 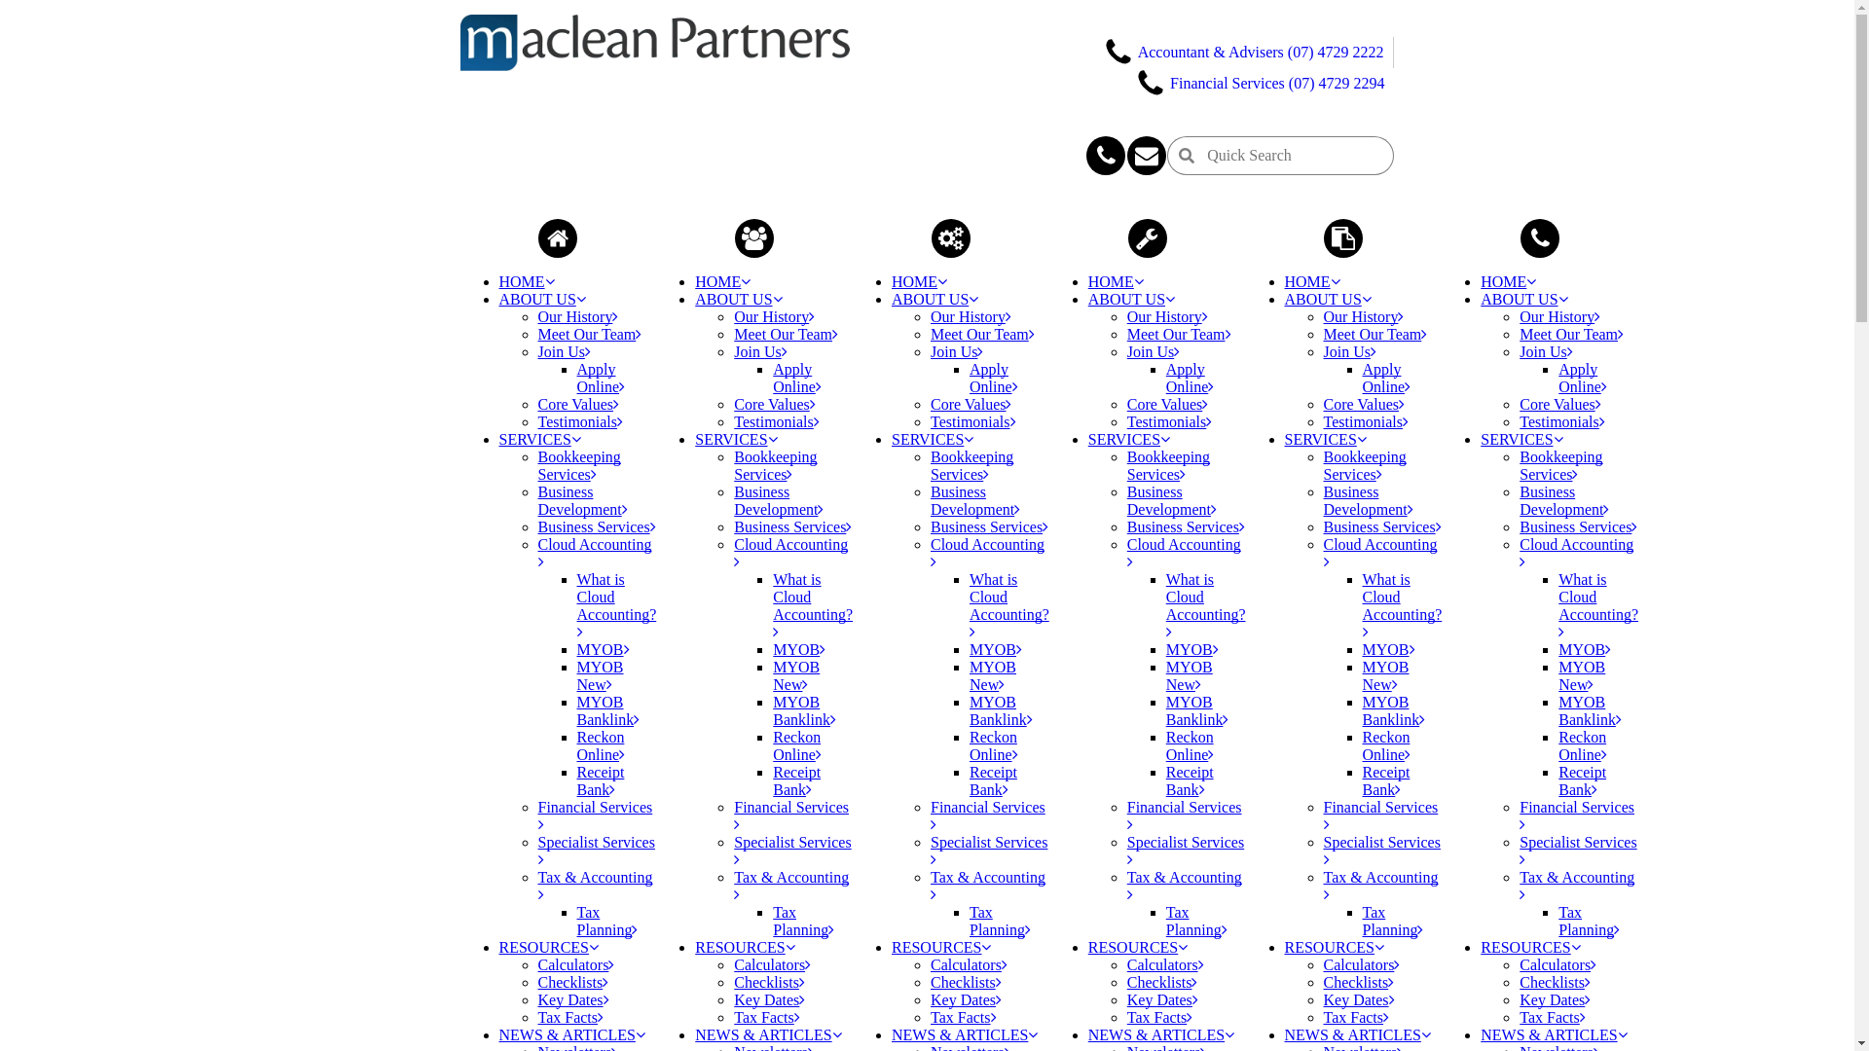 What do you see at coordinates (1564, 499) in the screenshot?
I see `'Business Development'` at bounding box center [1564, 499].